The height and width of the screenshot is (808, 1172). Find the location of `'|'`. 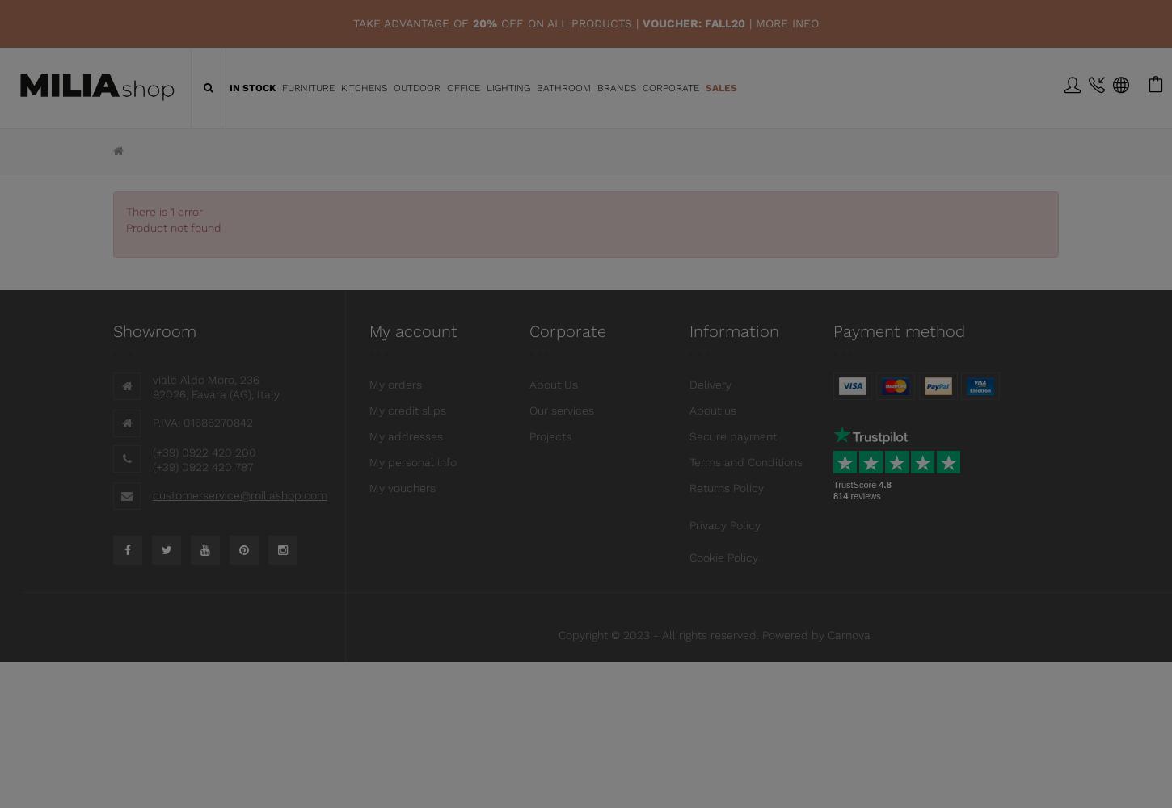

'|' is located at coordinates (749, 23).